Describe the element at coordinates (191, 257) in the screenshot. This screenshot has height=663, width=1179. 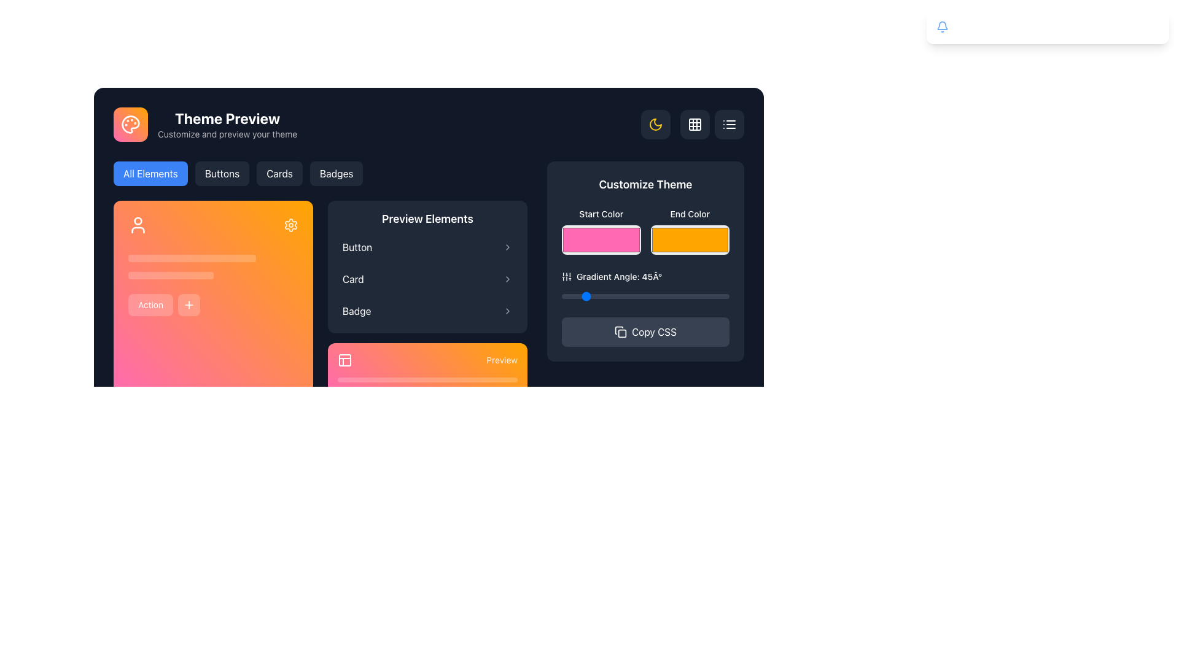
I see `the Decorative bar located in the left panel of the interface, which features a gradient coloring transitioning from pink to orange and is the top member of a vertically spaced arrangement of elements` at that location.